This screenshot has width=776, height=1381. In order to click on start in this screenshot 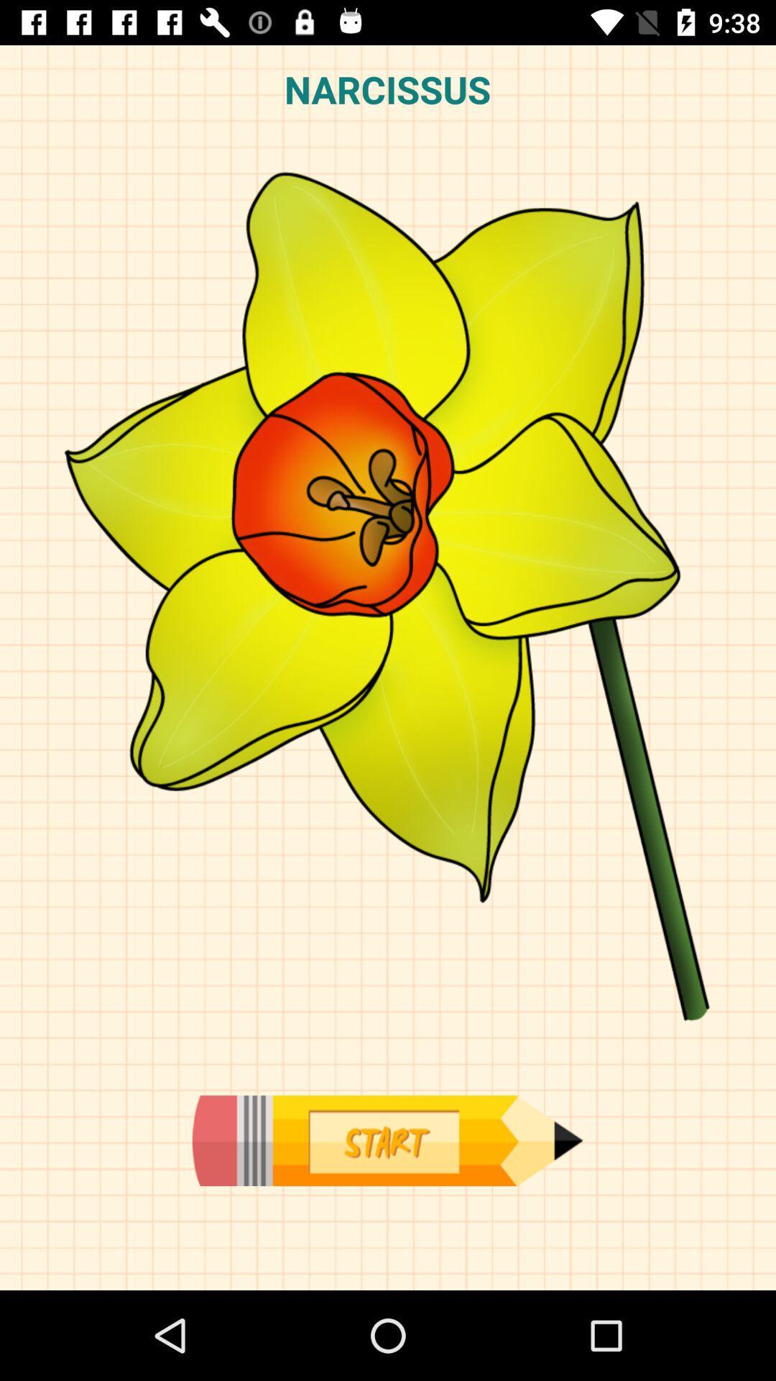, I will do `click(387, 1140)`.